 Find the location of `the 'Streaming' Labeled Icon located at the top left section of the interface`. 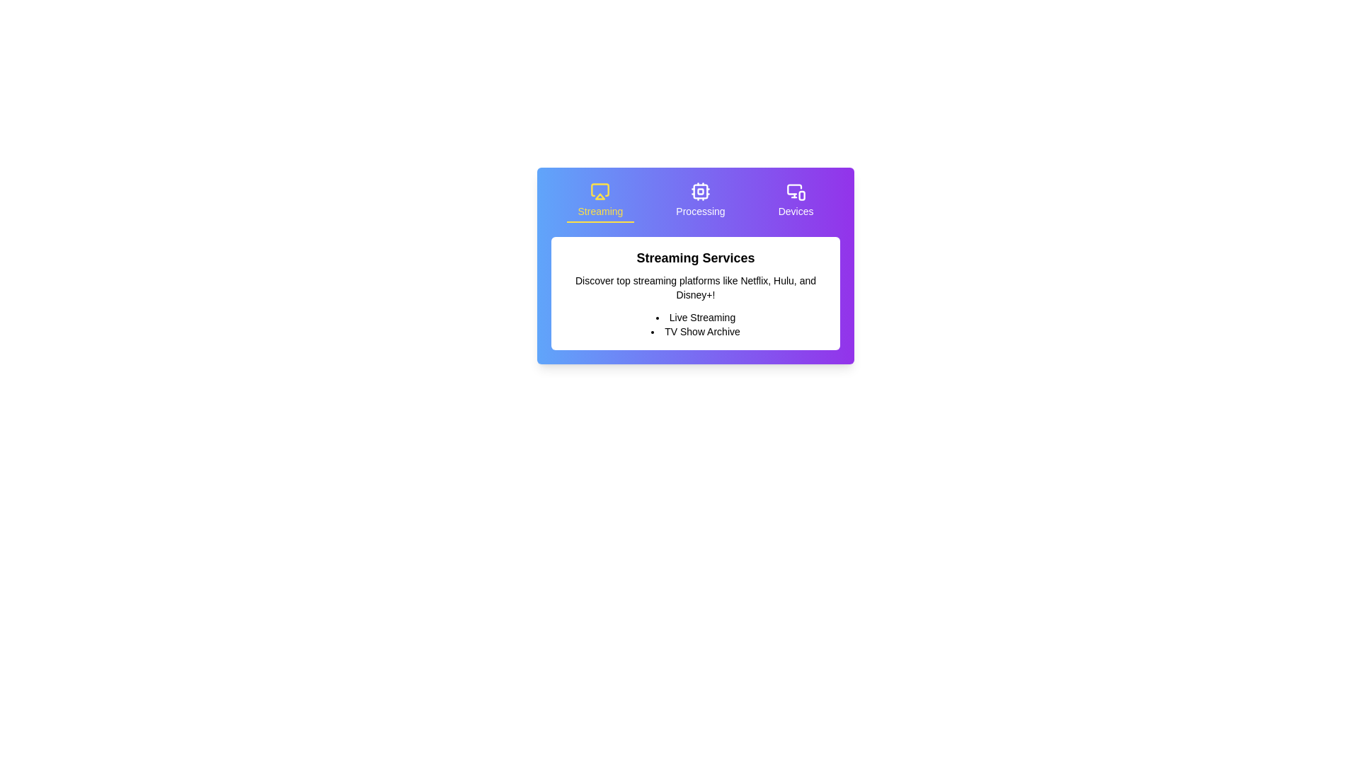

the 'Streaming' Labeled Icon located at the top left section of the interface is located at coordinates (600, 199).